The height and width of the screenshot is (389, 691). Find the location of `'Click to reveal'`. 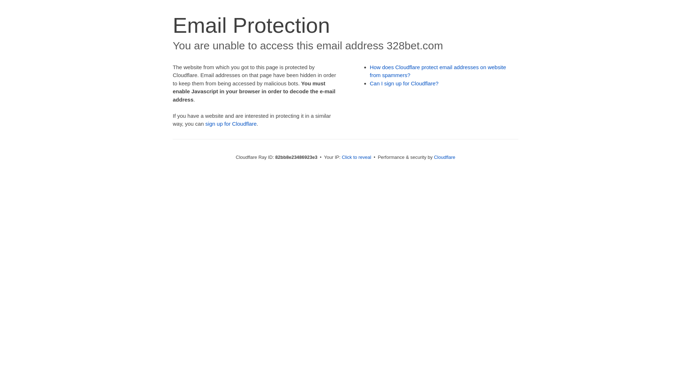

'Click to reveal' is located at coordinates (356, 157).